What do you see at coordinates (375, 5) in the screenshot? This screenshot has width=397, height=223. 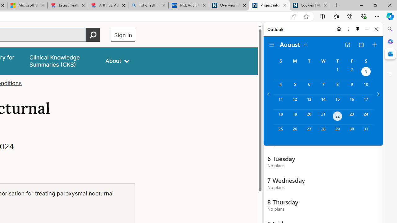 I see `'Restore'` at bounding box center [375, 5].